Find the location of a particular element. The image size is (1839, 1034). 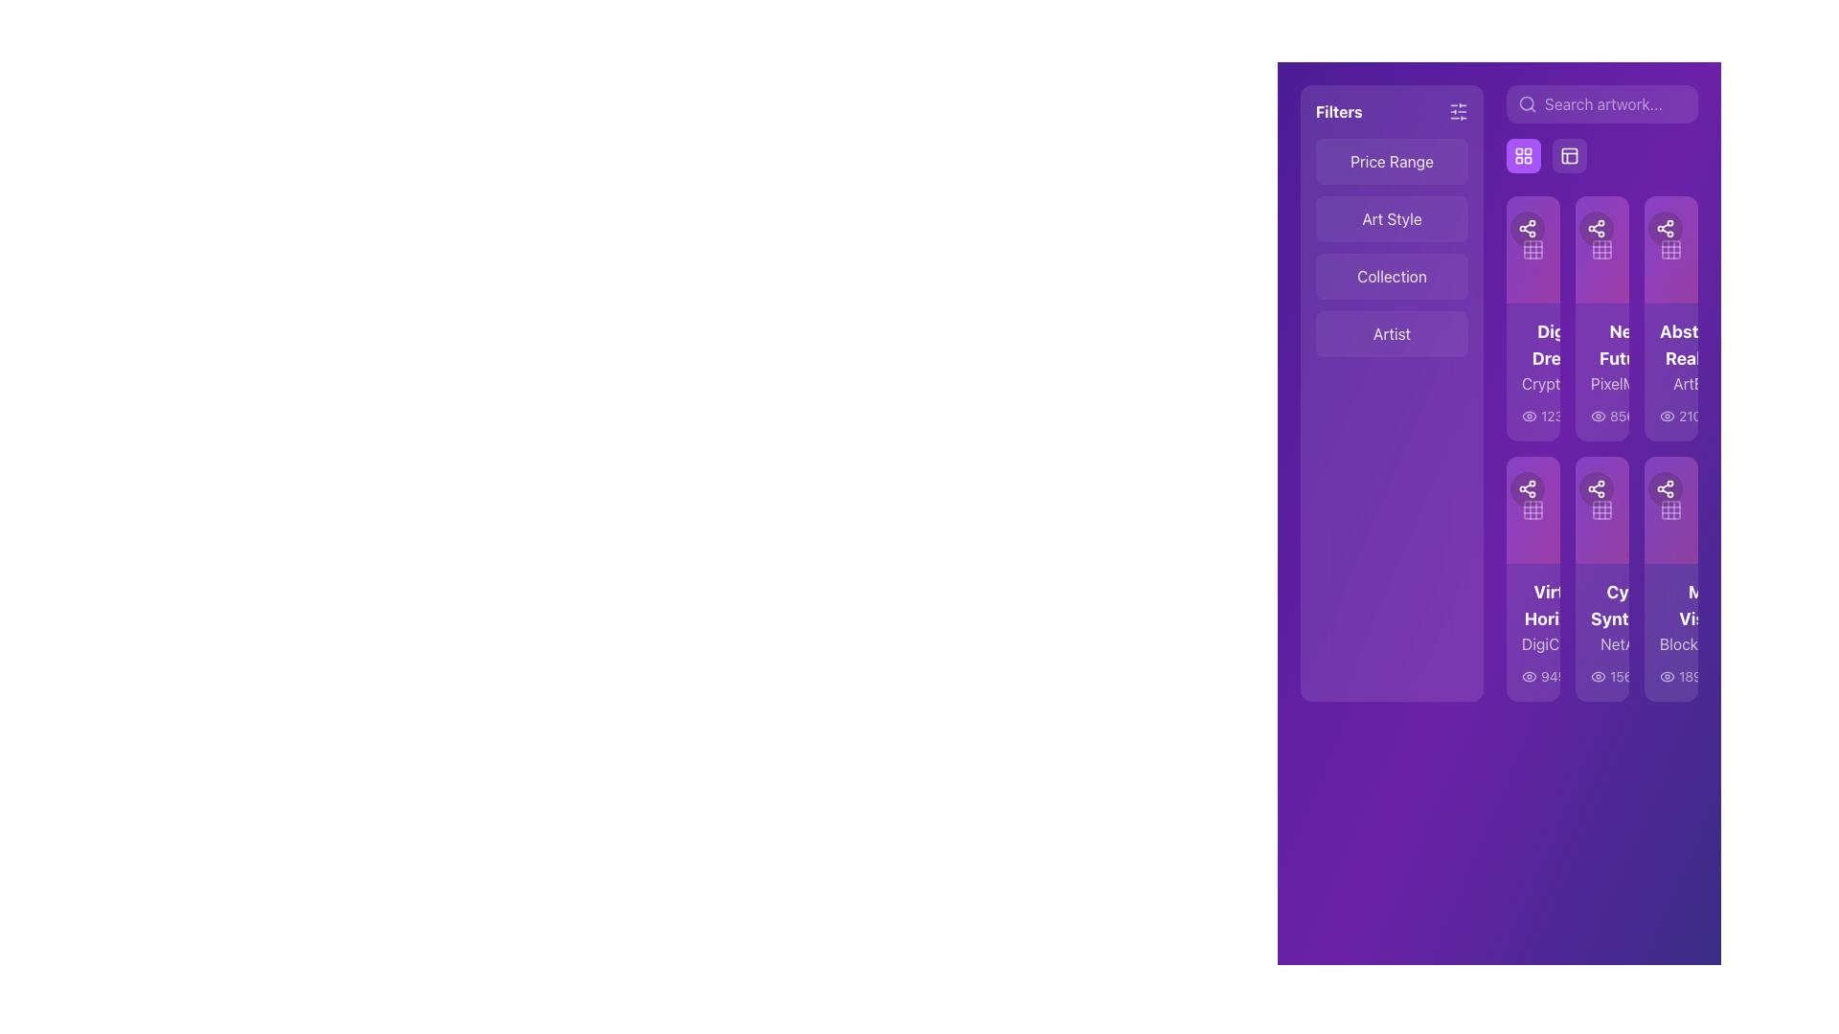

the card representing an item in the collection, which is positioned in the second column of the second row in the grid layout is located at coordinates (1533, 578).